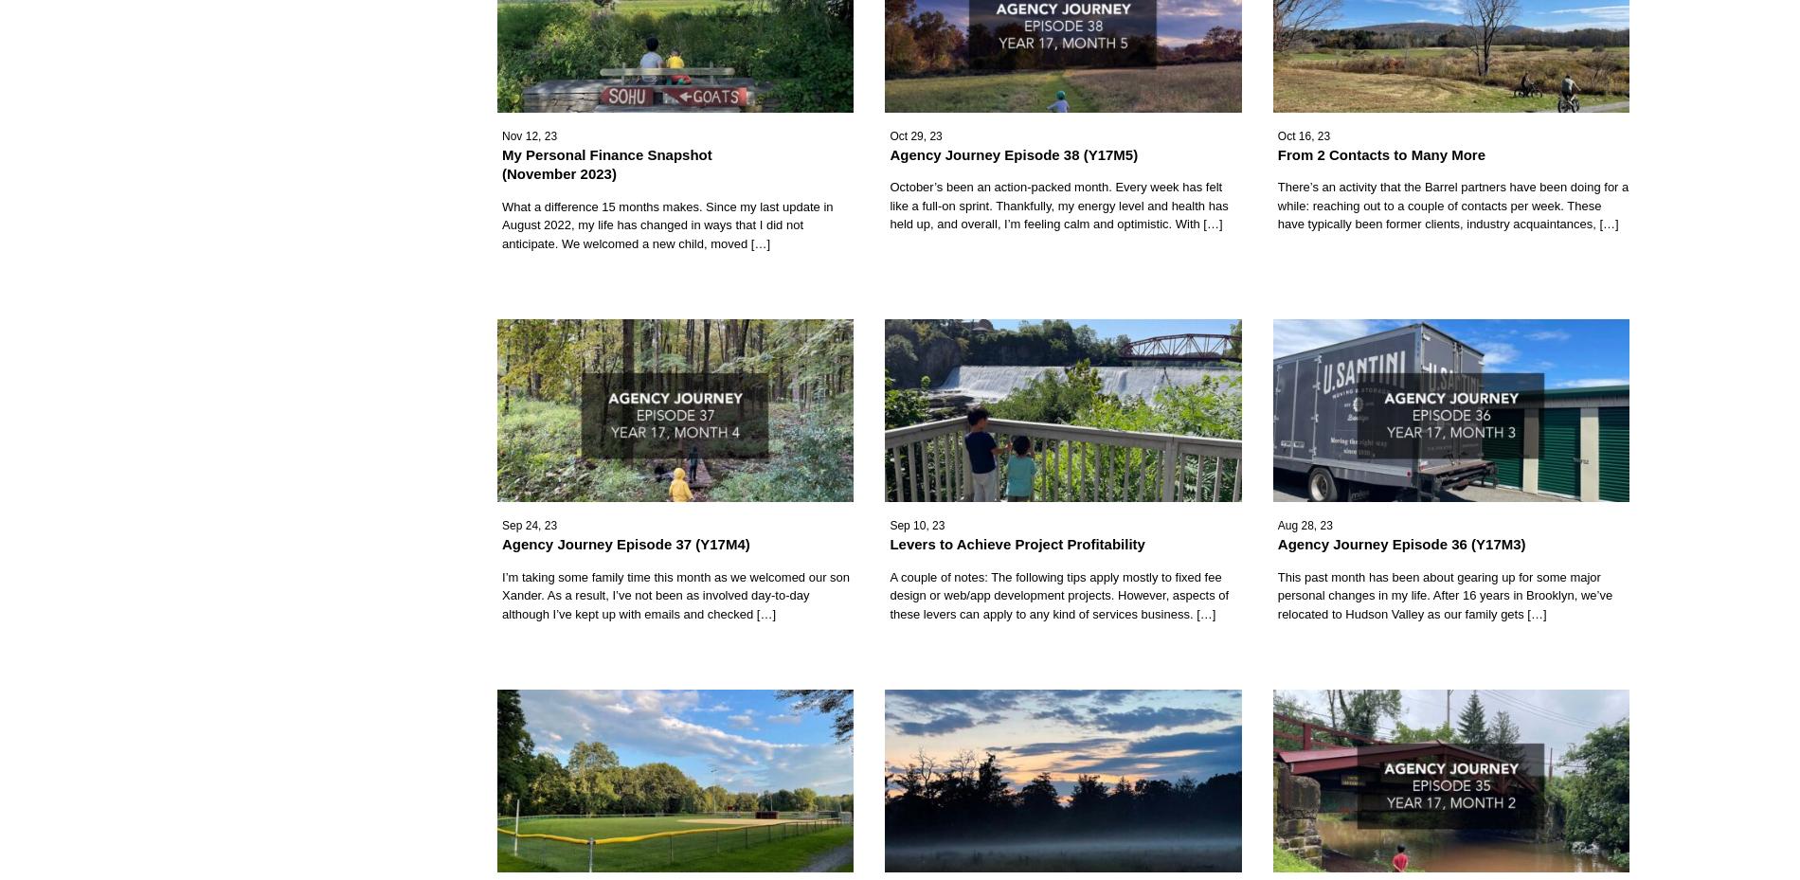 The width and height of the screenshot is (1800, 880). I want to click on 'There’s an activity that the Barrel partners have been doing for a while: reaching out to a couple of contacts per week. These have typically been former clients, industry acquaintances, […]', so click(1276, 205).